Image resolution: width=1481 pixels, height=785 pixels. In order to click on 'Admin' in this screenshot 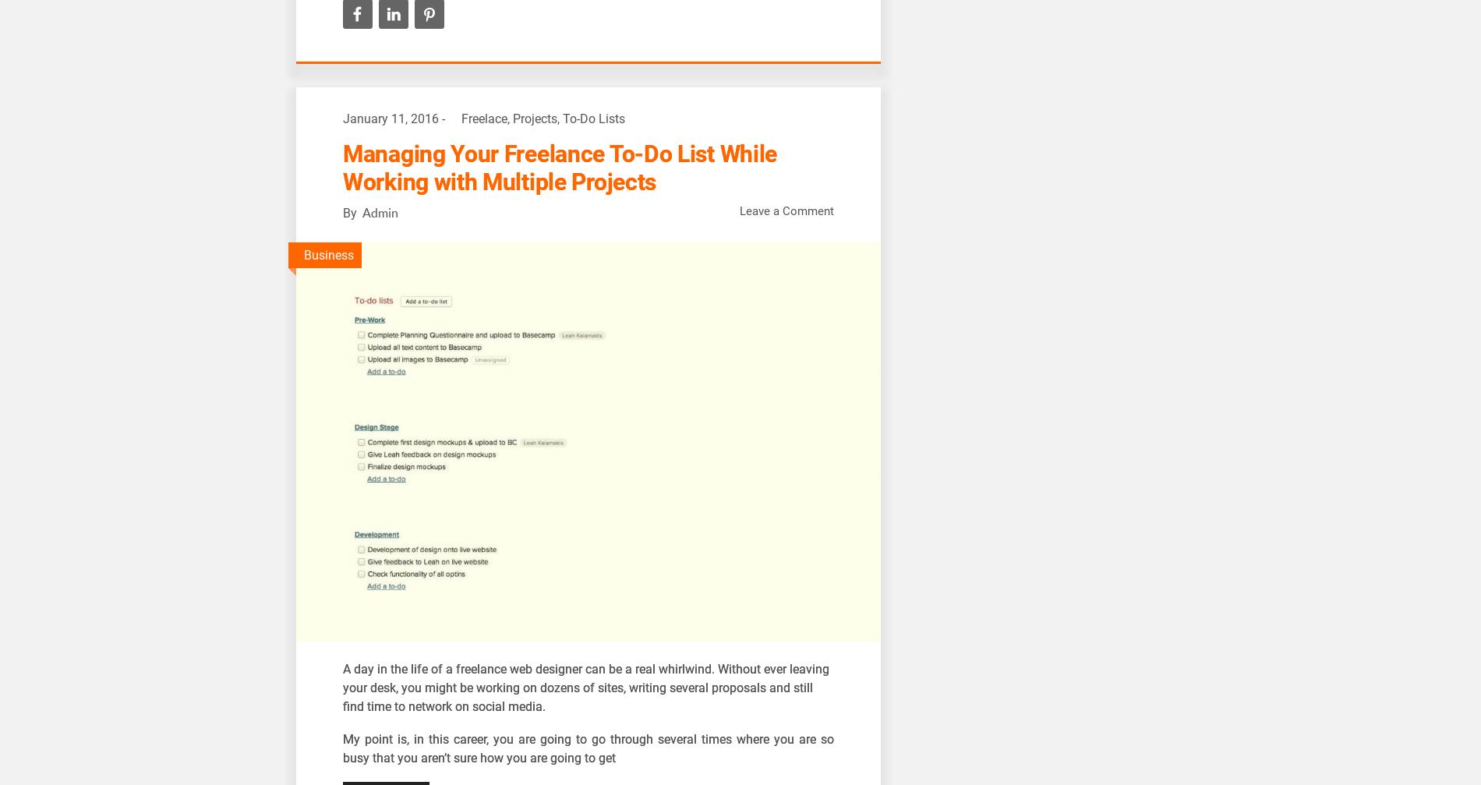, I will do `click(380, 212)`.